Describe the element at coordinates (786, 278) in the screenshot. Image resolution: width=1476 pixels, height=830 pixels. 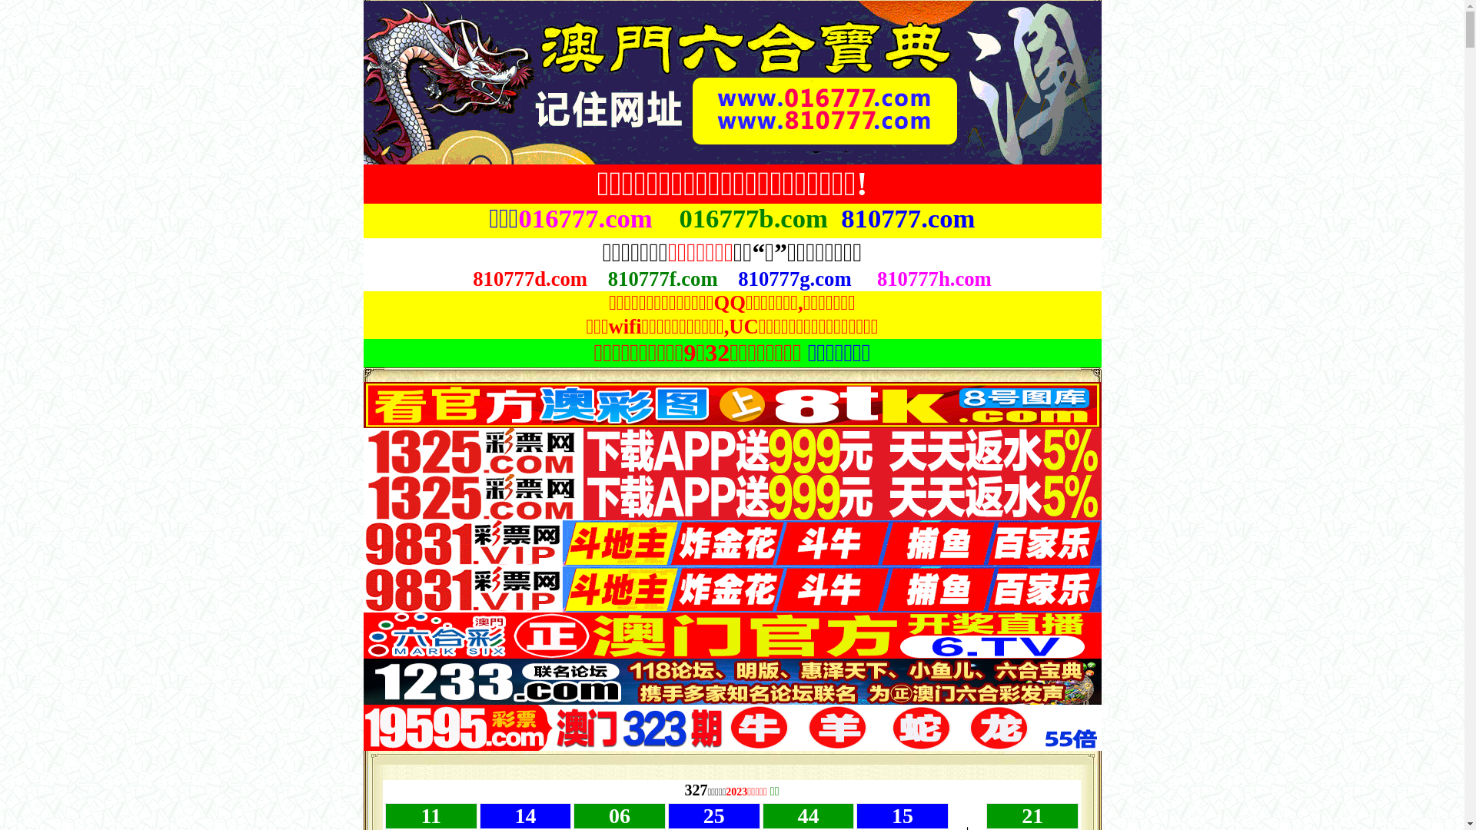
I see `'810777g.co'` at that location.